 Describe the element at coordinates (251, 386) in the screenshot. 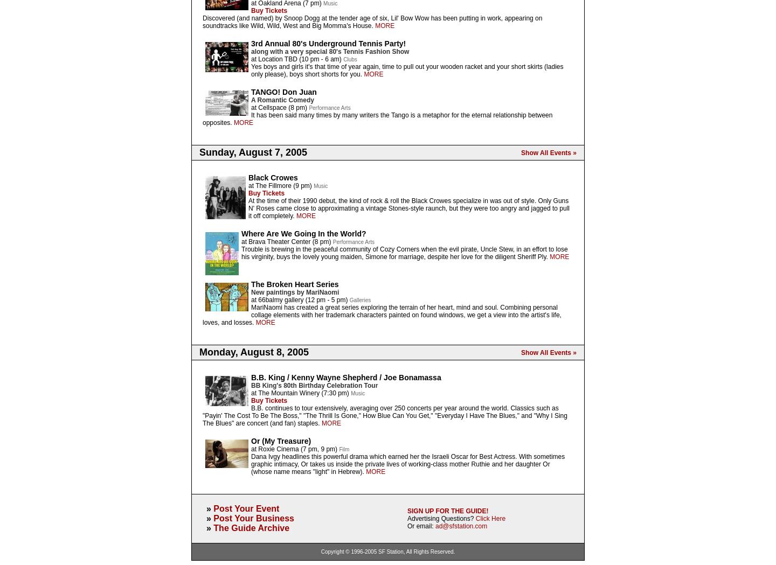

I see `'BB King's 80th Birthday Celebration Tour'` at that location.